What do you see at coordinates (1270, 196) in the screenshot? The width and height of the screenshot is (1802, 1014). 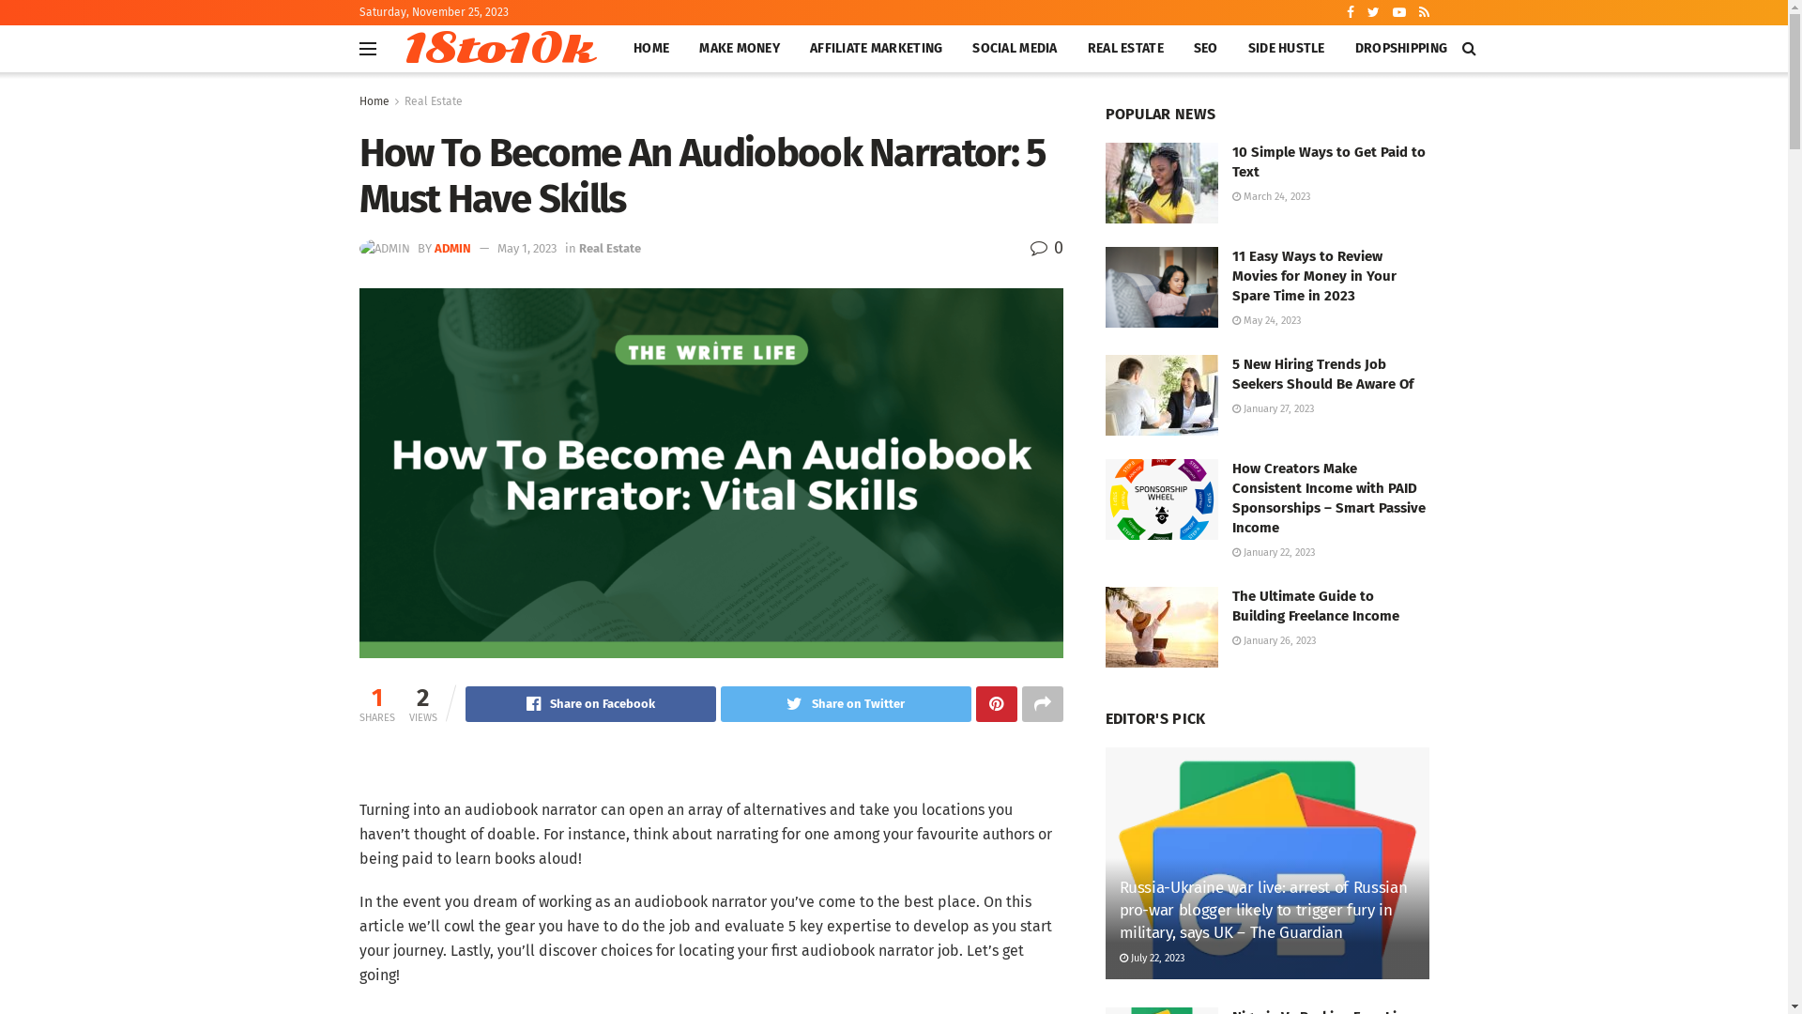 I see `'March 24, 2023'` at bounding box center [1270, 196].